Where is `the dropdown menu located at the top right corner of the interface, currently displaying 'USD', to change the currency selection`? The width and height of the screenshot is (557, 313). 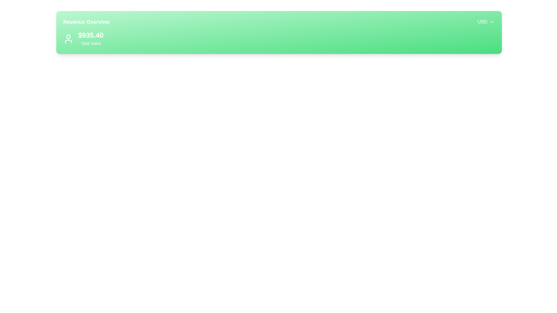 the dropdown menu located at the top right corner of the interface, currently displaying 'USD', to change the currency selection is located at coordinates (486, 22).